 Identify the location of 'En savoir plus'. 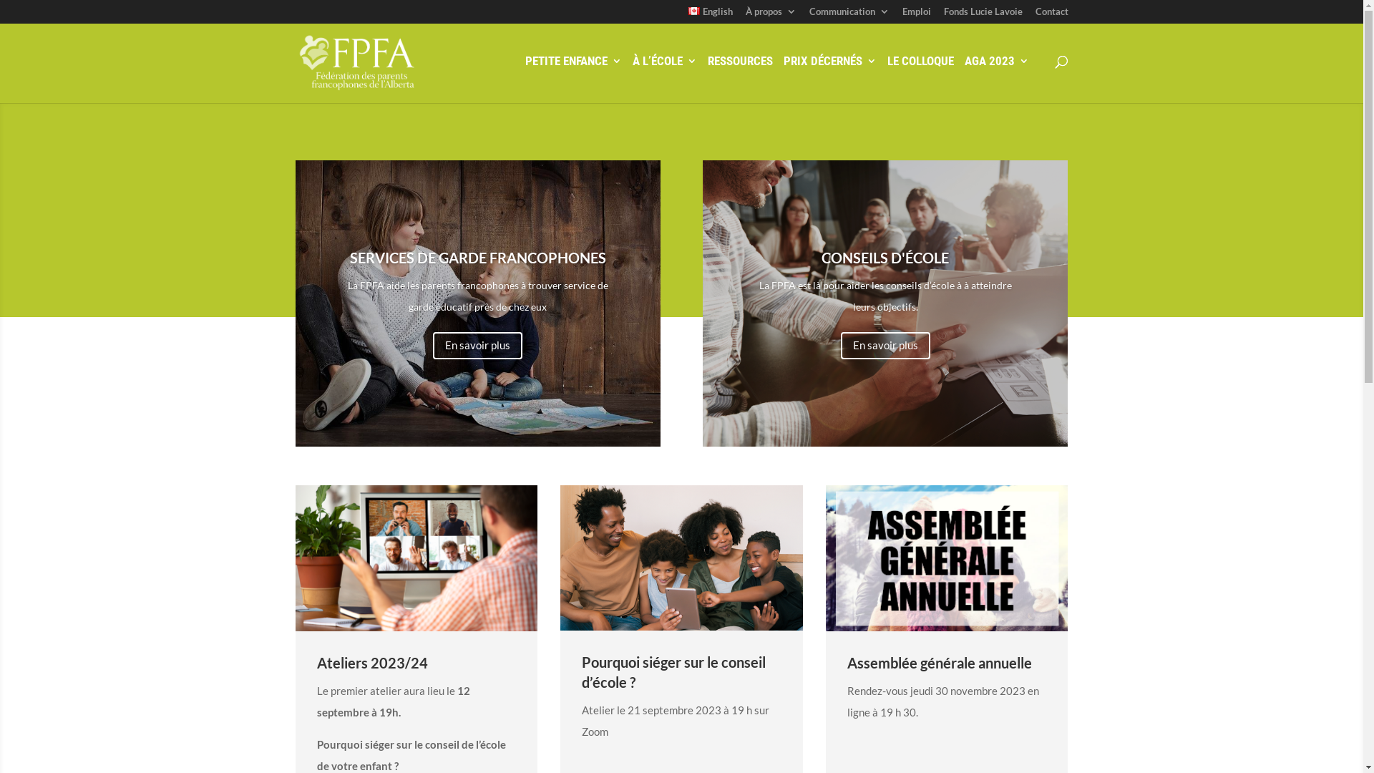
(477, 346).